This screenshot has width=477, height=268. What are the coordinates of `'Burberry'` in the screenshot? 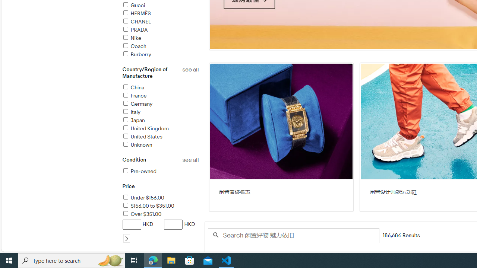 It's located at (136, 54).